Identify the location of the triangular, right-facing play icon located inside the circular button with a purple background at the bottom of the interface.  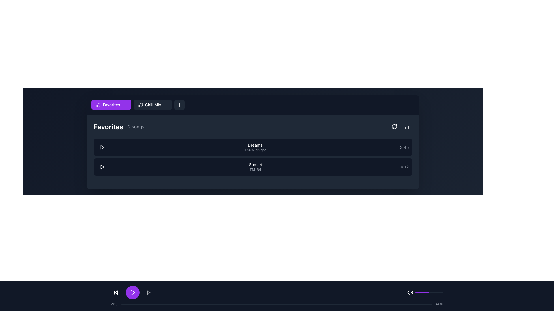
(132, 292).